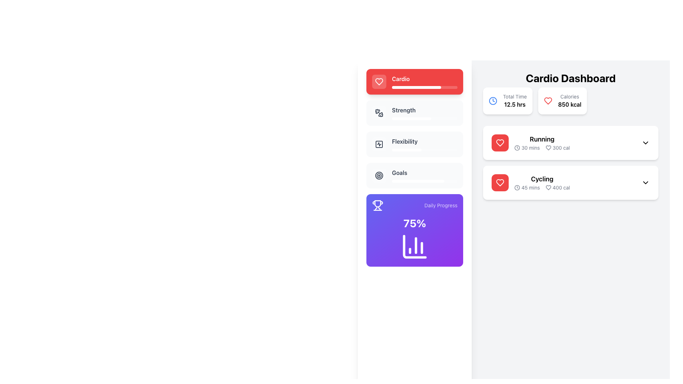  What do you see at coordinates (515, 104) in the screenshot?
I see `information displayed in the Text element showing '12.5 hrs' in the 'Total Time' section of the Cardio Dashboard` at bounding box center [515, 104].